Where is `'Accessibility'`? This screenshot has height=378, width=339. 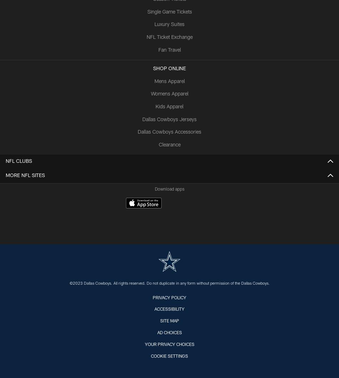
'Accessibility' is located at coordinates (169, 309).